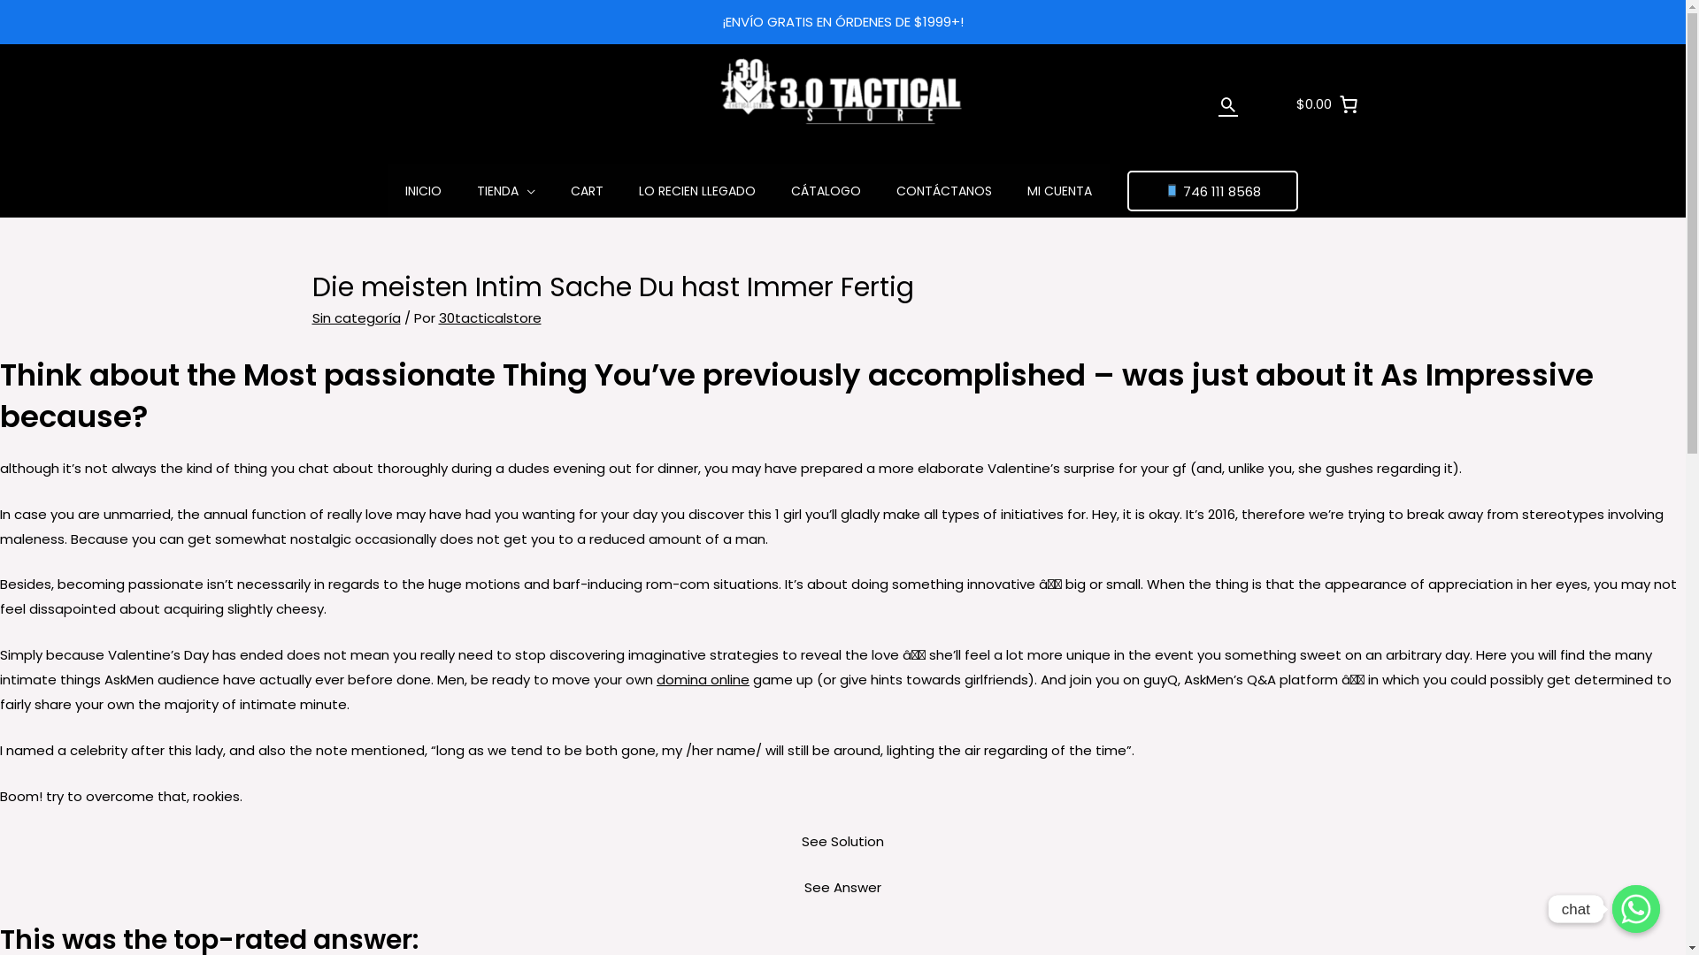 The width and height of the screenshot is (1699, 955). I want to click on 'chat', so click(1634, 909).